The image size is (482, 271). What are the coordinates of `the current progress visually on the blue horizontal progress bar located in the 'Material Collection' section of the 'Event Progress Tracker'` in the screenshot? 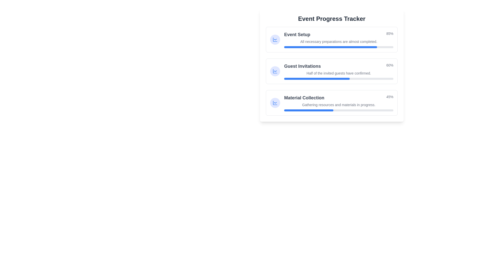 It's located at (308, 110).